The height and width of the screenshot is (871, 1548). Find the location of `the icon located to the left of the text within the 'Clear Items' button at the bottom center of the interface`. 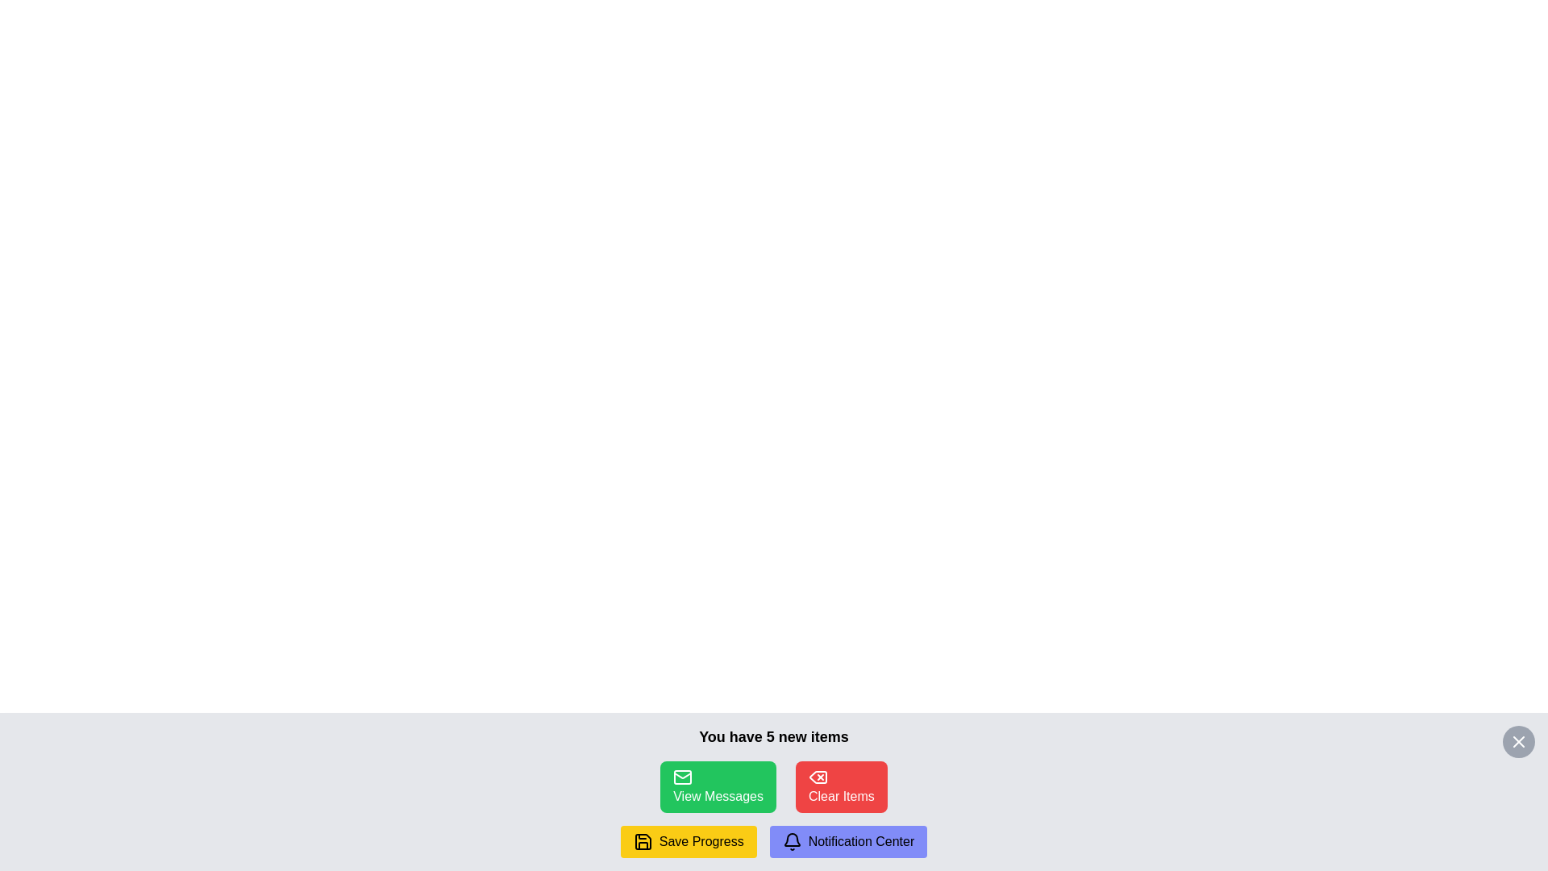

the icon located to the left of the text within the 'Clear Items' button at the bottom center of the interface is located at coordinates (818, 777).